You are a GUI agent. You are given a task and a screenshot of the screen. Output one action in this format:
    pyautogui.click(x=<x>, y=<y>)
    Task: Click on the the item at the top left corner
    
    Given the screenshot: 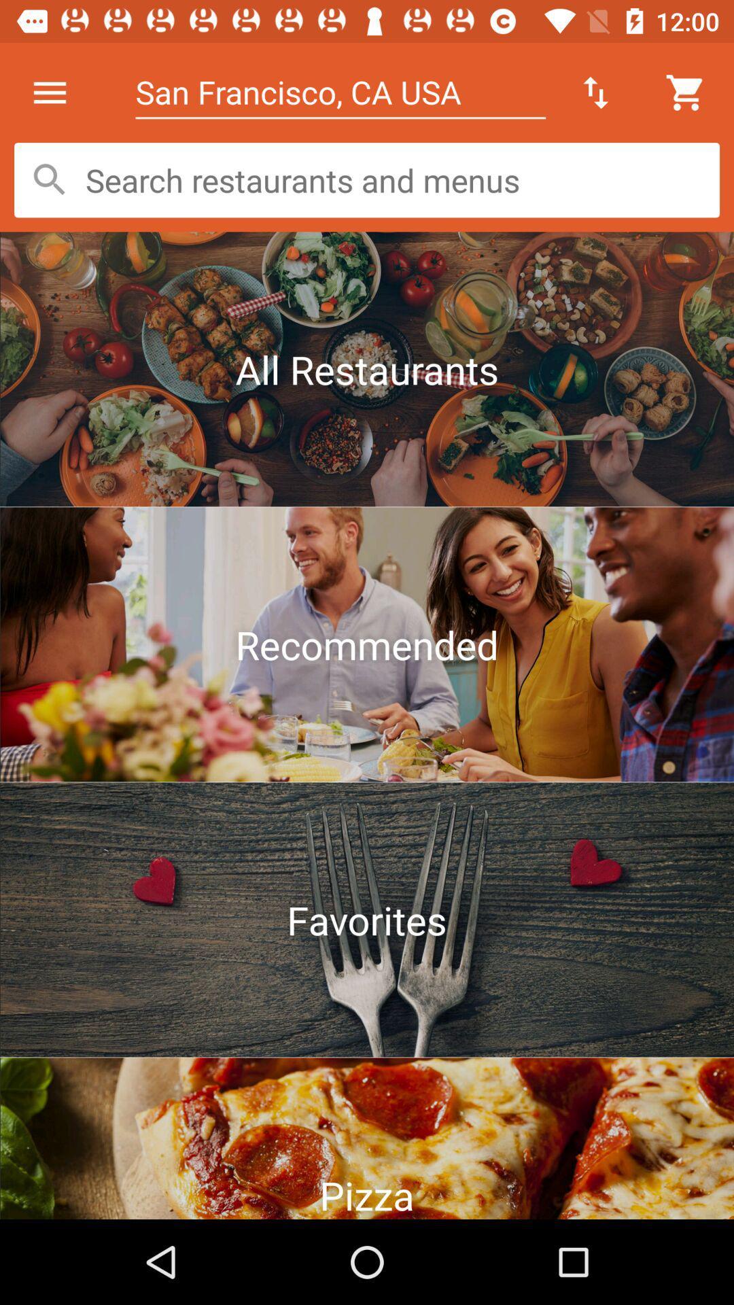 What is the action you would take?
    pyautogui.click(x=49, y=92)
    